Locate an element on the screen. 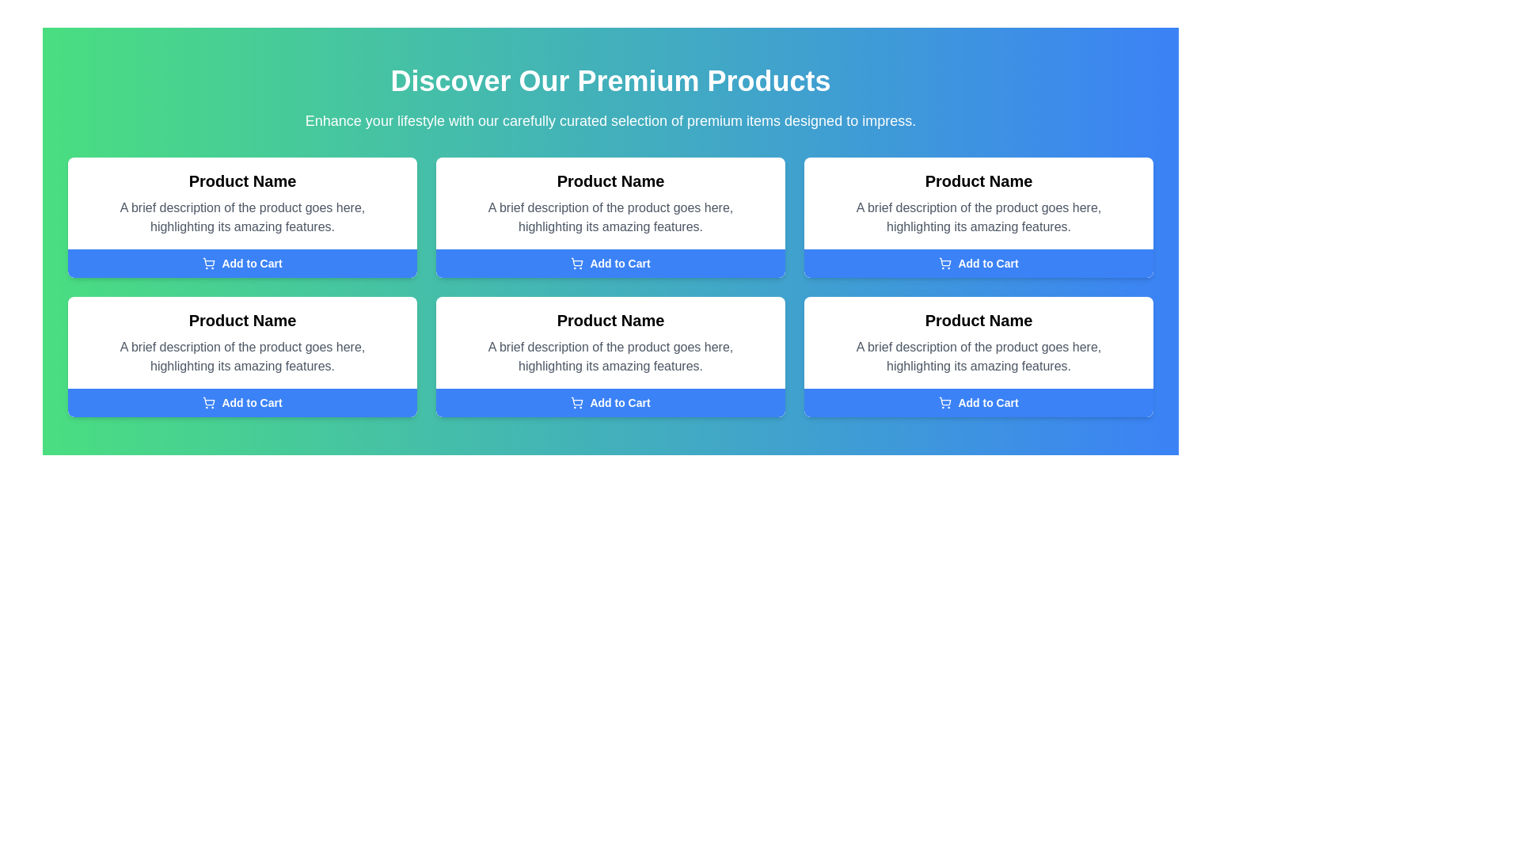 The height and width of the screenshot is (855, 1520). the 'Add to Cart' button with a bright blue background and white text, located at the bottom of the card layout is located at coordinates (241, 262).